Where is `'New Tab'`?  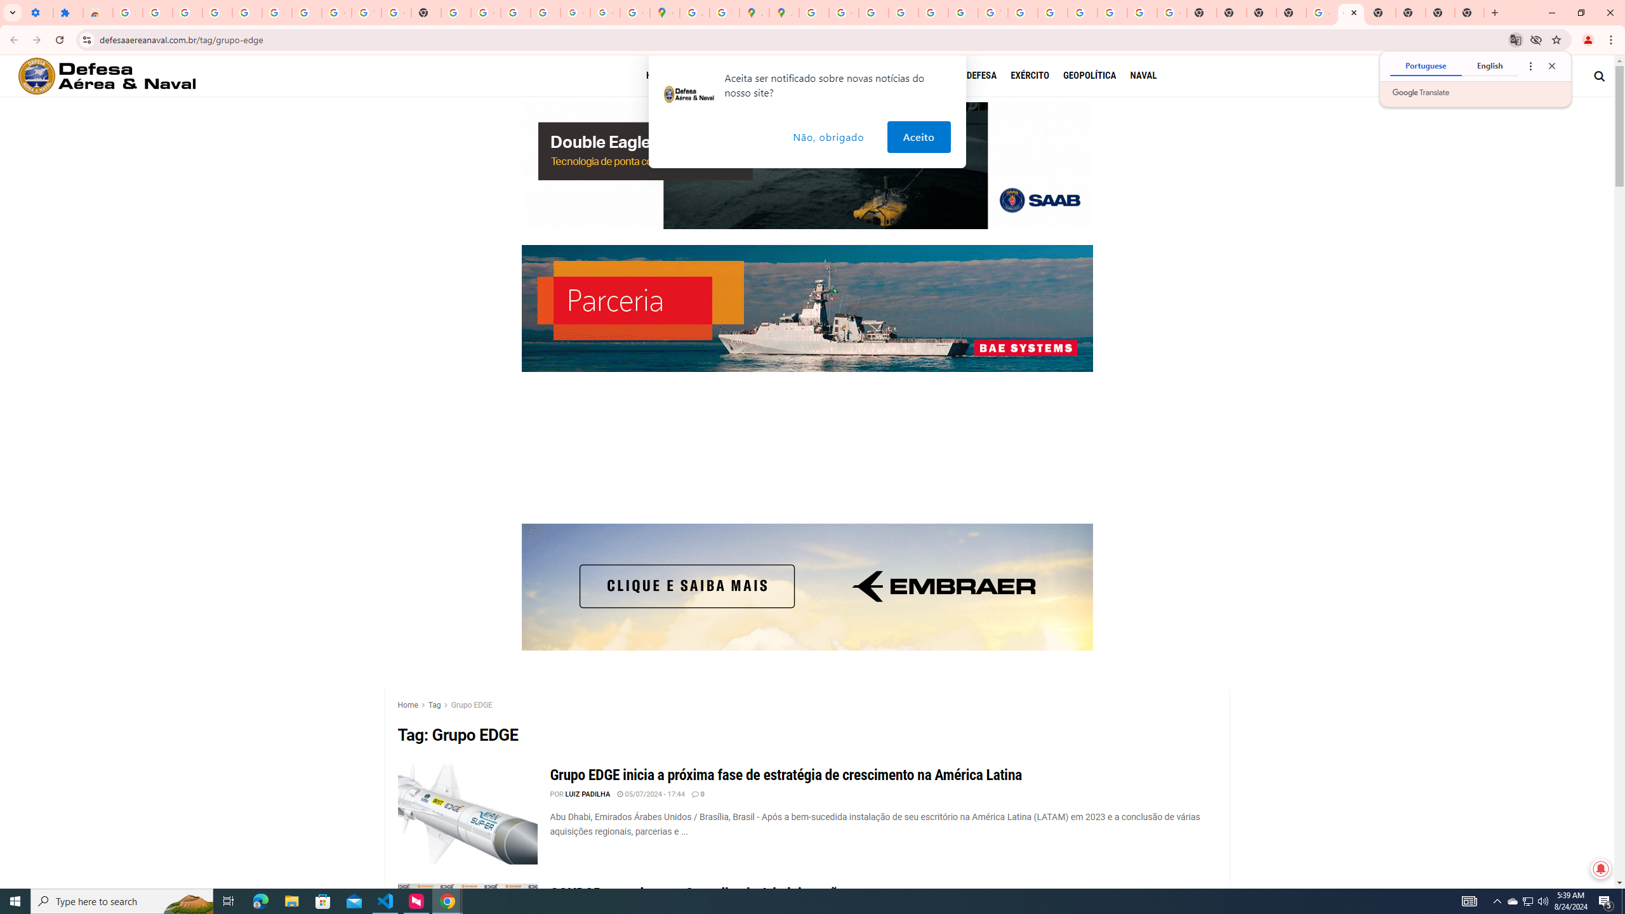 'New Tab' is located at coordinates (1469, 12).